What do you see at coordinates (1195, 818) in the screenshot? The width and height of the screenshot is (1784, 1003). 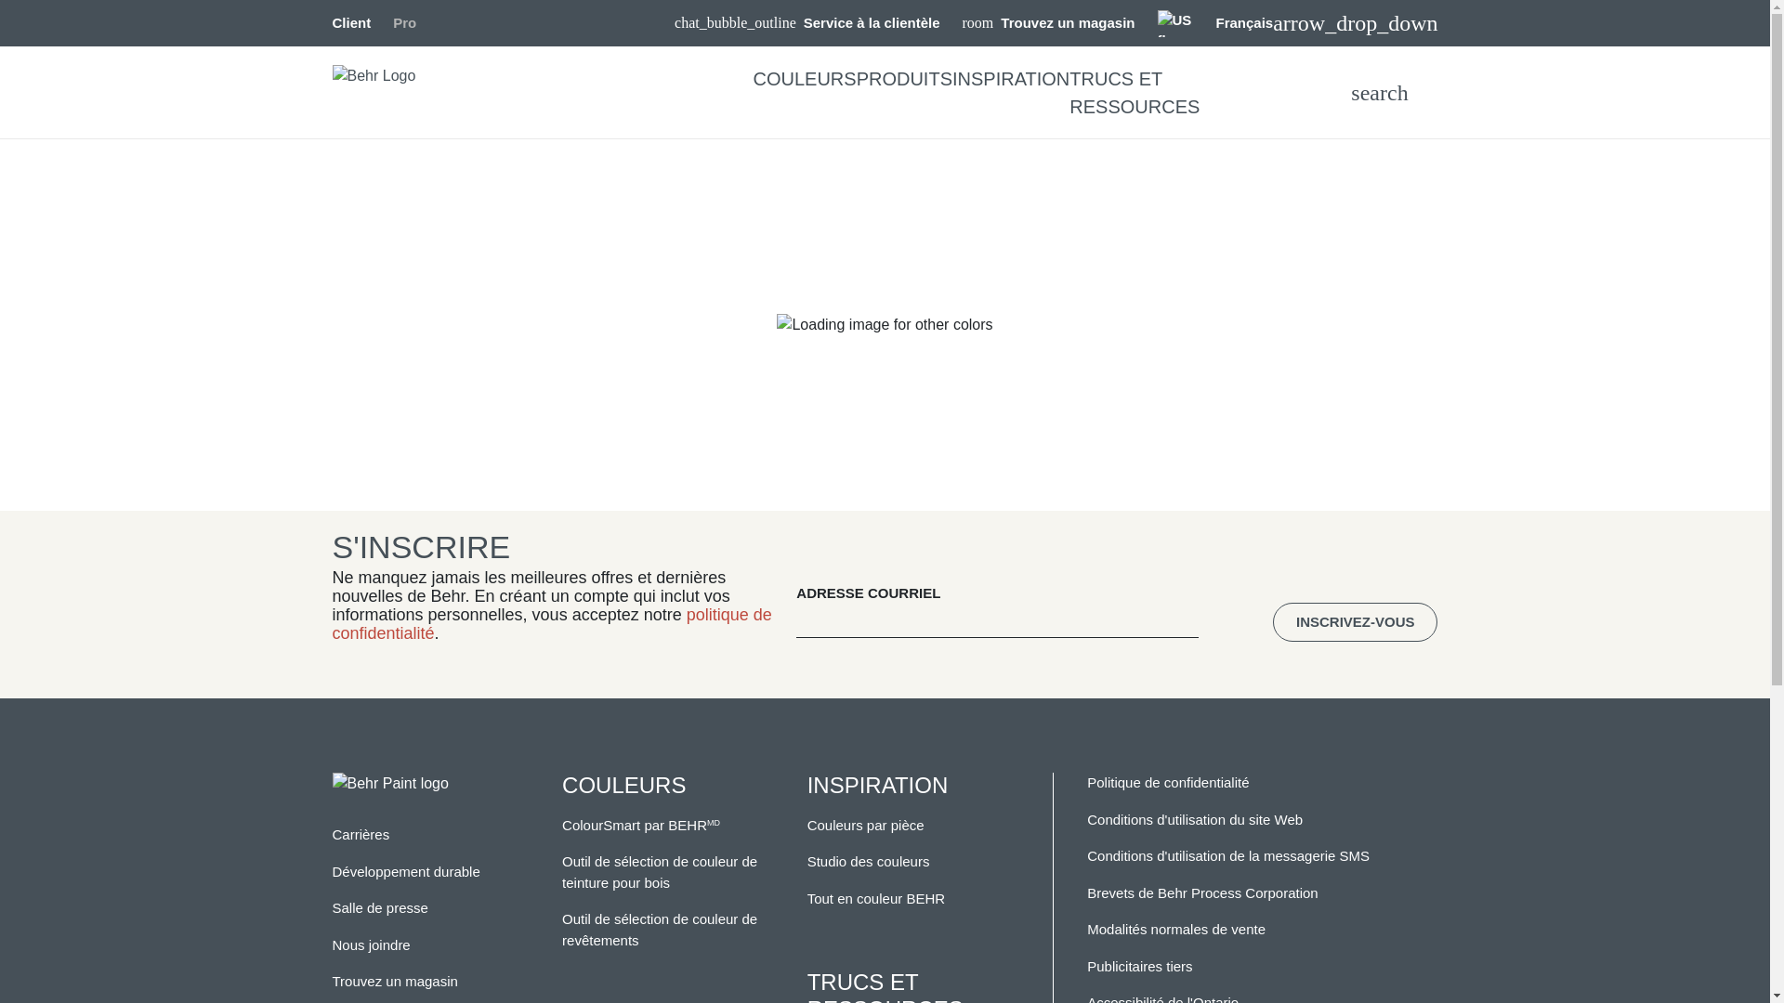 I see `'Conditions d'utilisation du site Web'` at bounding box center [1195, 818].